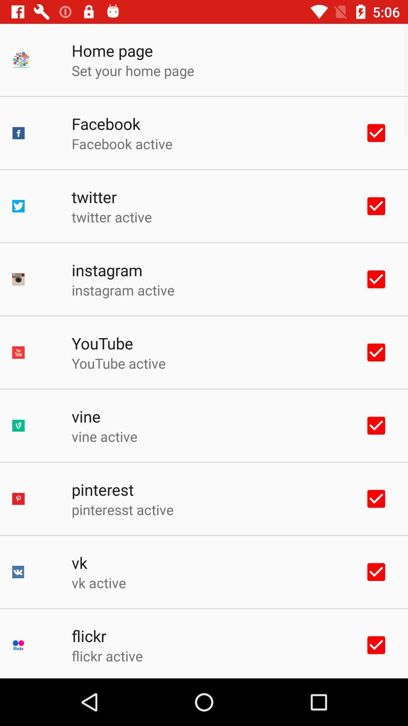  What do you see at coordinates (107, 655) in the screenshot?
I see `flickr active app` at bounding box center [107, 655].